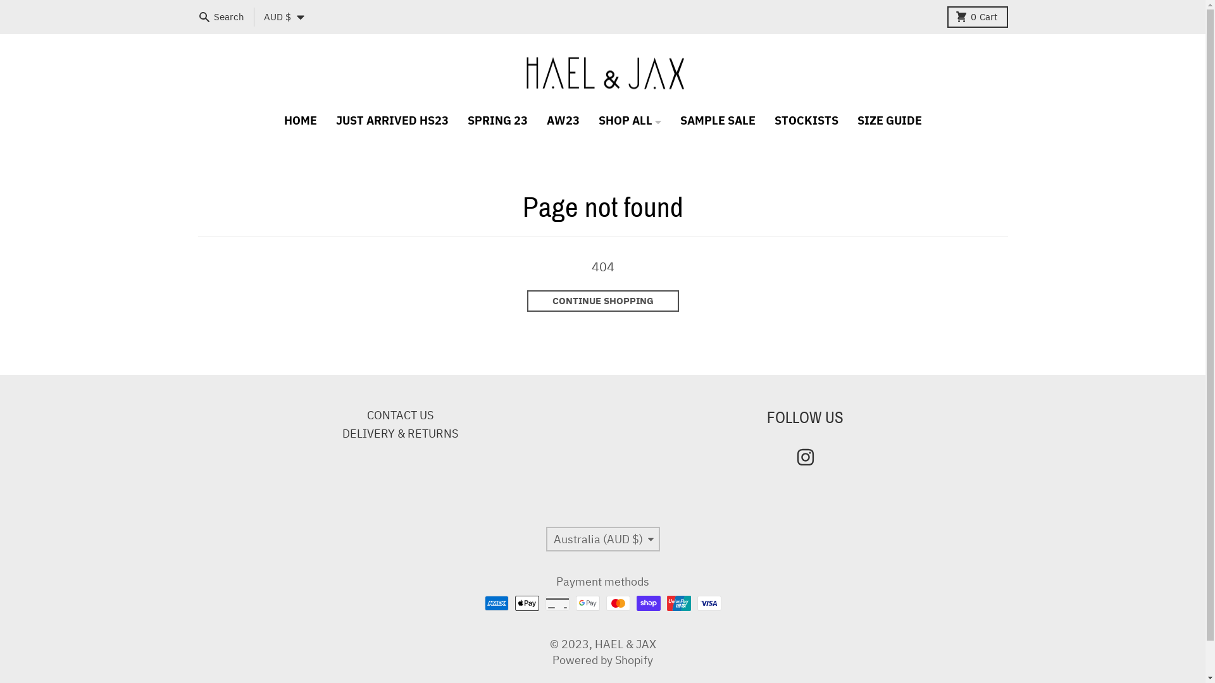 This screenshot has width=1215, height=683. I want to click on 'DELIVERY & RETURNS', so click(399, 433).